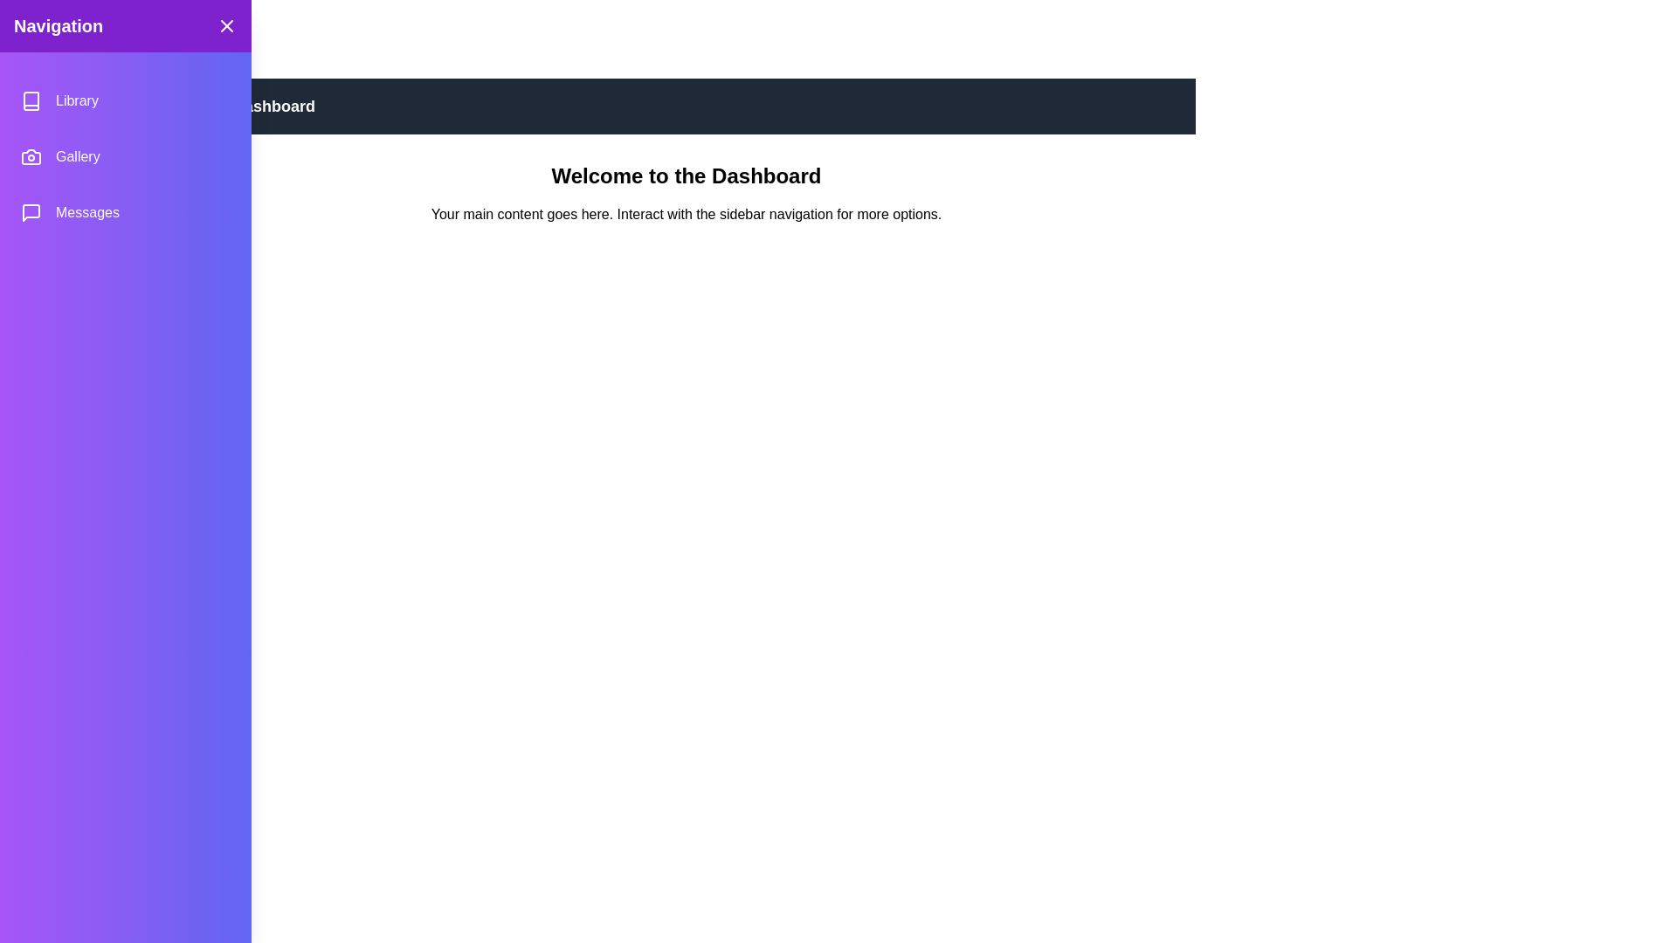 The width and height of the screenshot is (1677, 943). Describe the element at coordinates (31, 100) in the screenshot. I see `the small book icon located at the start of the 'Library' row in the sidebar, representing library-related content` at that location.